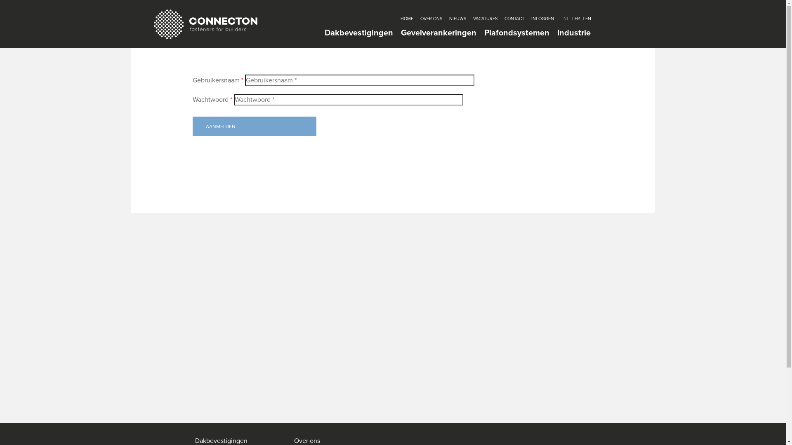 This screenshot has height=445, width=792. I want to click on 'FR', so click(576, 19).